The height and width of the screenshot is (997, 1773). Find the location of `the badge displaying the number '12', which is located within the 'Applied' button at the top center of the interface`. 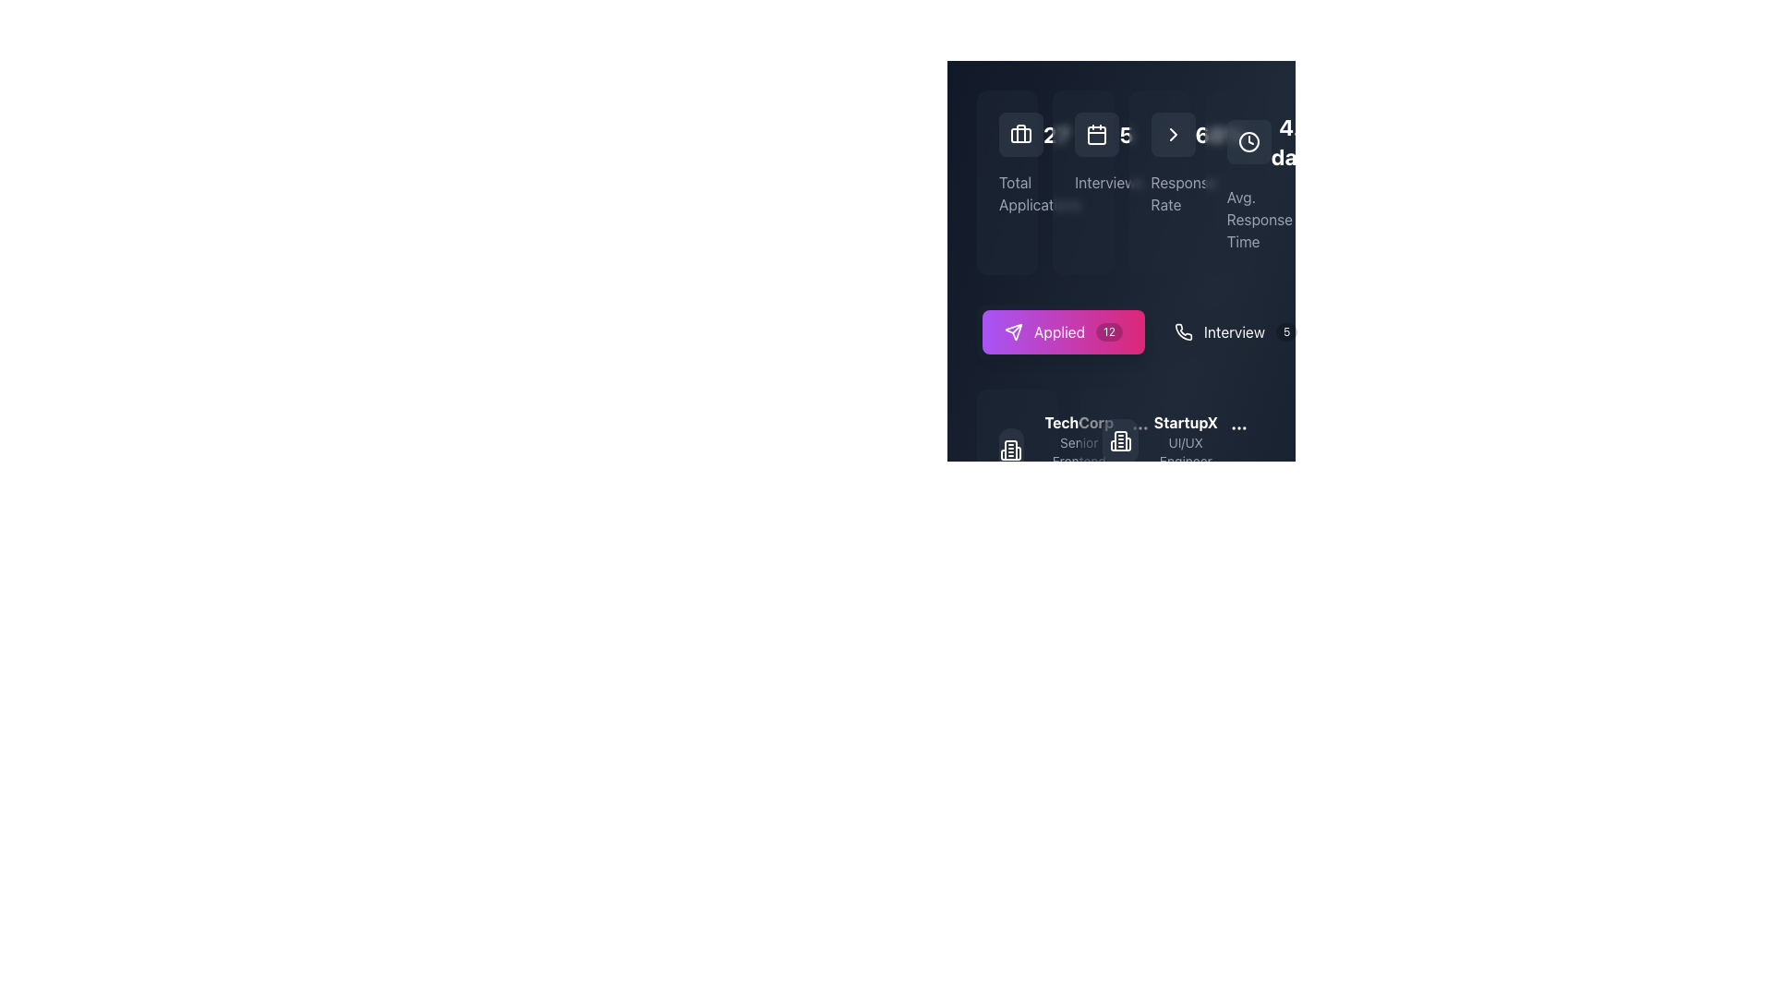

the badge displaying the number '12', which is located within the 'Applied' button at the top center of the interface is located at coordinates (1108, 330).